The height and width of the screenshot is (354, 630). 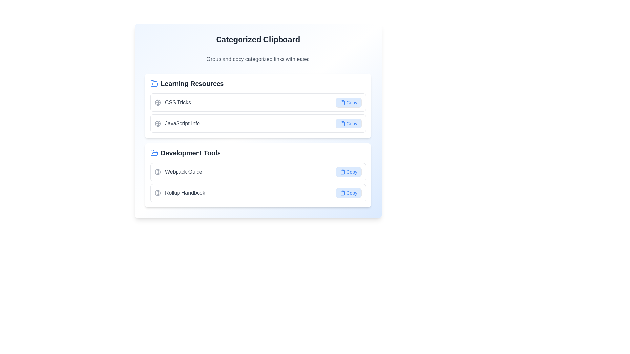 What do you see at coordinates (348, 171) in the screenshot?
I see `the button located on the far right side of the third row labeled 'Development Tools' under the text 'Webpack Guide' to copy the associated contents or link to the clipboard` at bounding box center [348, 171].